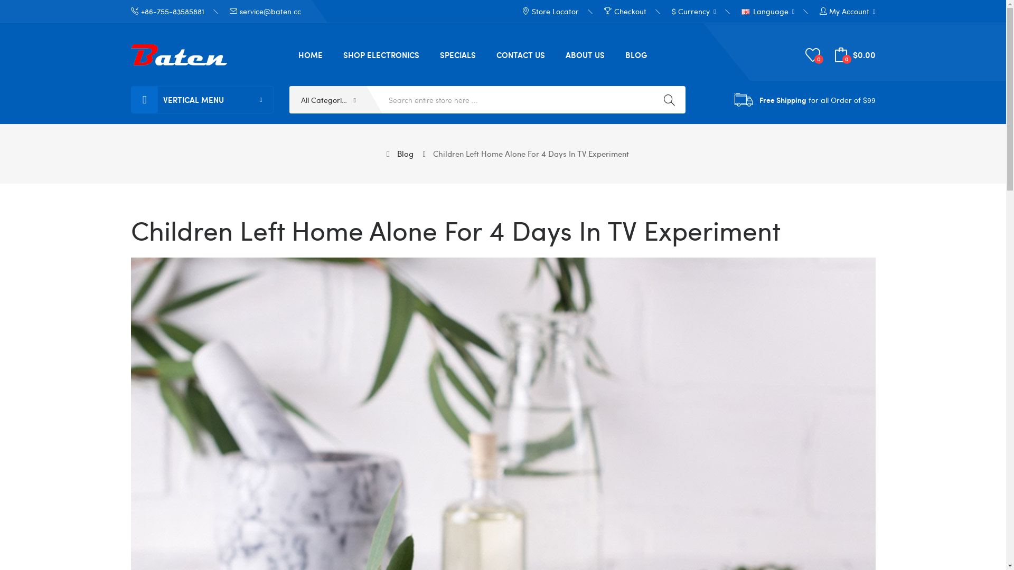 The image size is (1014, 570). Describe the element at coordinates (604, 11) in the screenshot. I see `'Checkout'` at that location.